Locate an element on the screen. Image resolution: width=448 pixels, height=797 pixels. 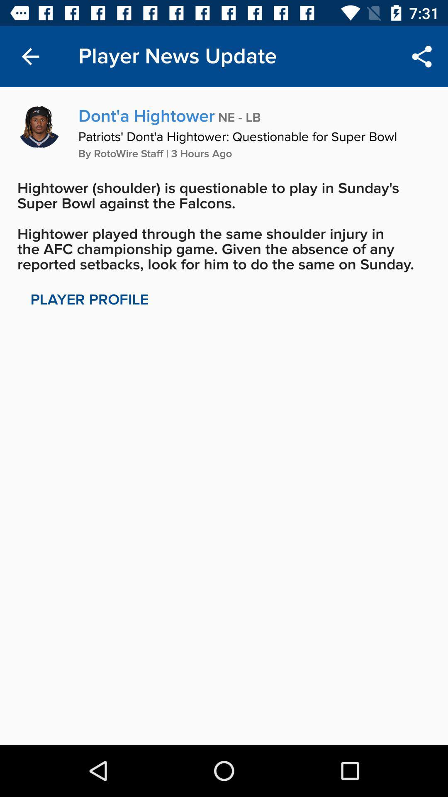
the player profile is located at coordinates (90, 299).